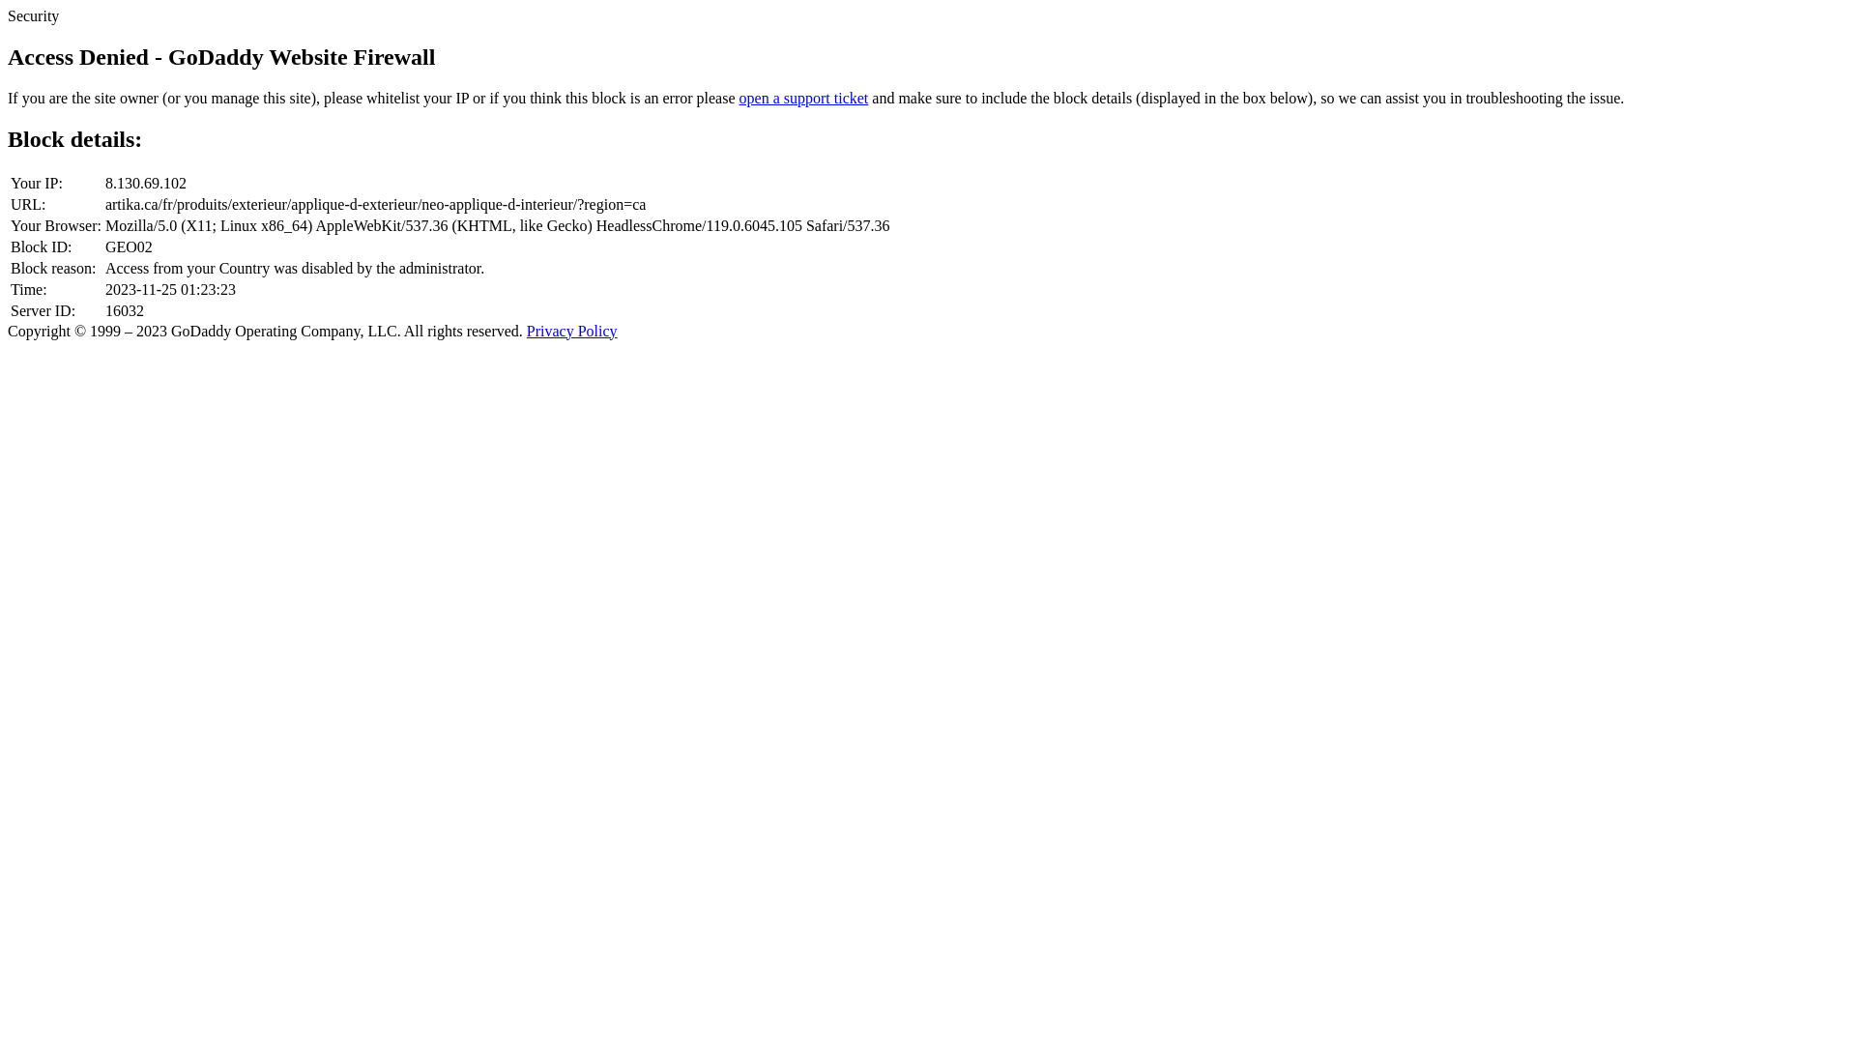 This screenshot has height=1044, width=1856. Describe the element at coordinates (570, 330) in the screenshot. I see `'Privacy Policy'` at that location.